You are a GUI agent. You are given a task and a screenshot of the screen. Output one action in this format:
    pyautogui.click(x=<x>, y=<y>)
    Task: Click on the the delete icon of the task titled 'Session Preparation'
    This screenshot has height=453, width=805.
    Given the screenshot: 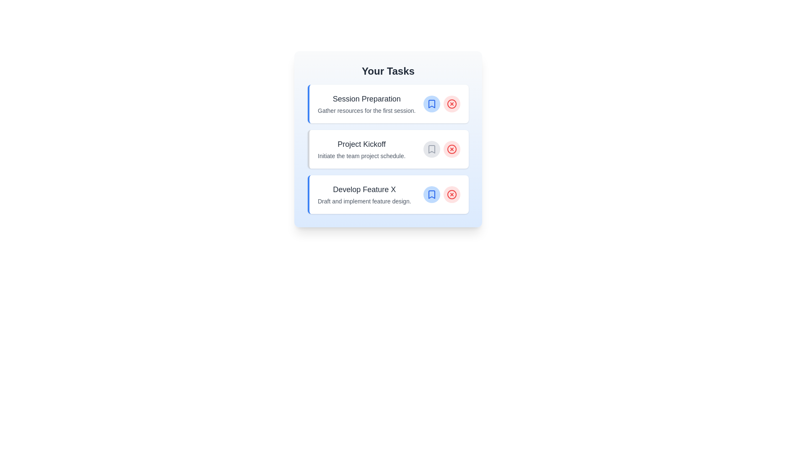 What is the action you would take?
    pyautogui.click(x=452, y=103)
    